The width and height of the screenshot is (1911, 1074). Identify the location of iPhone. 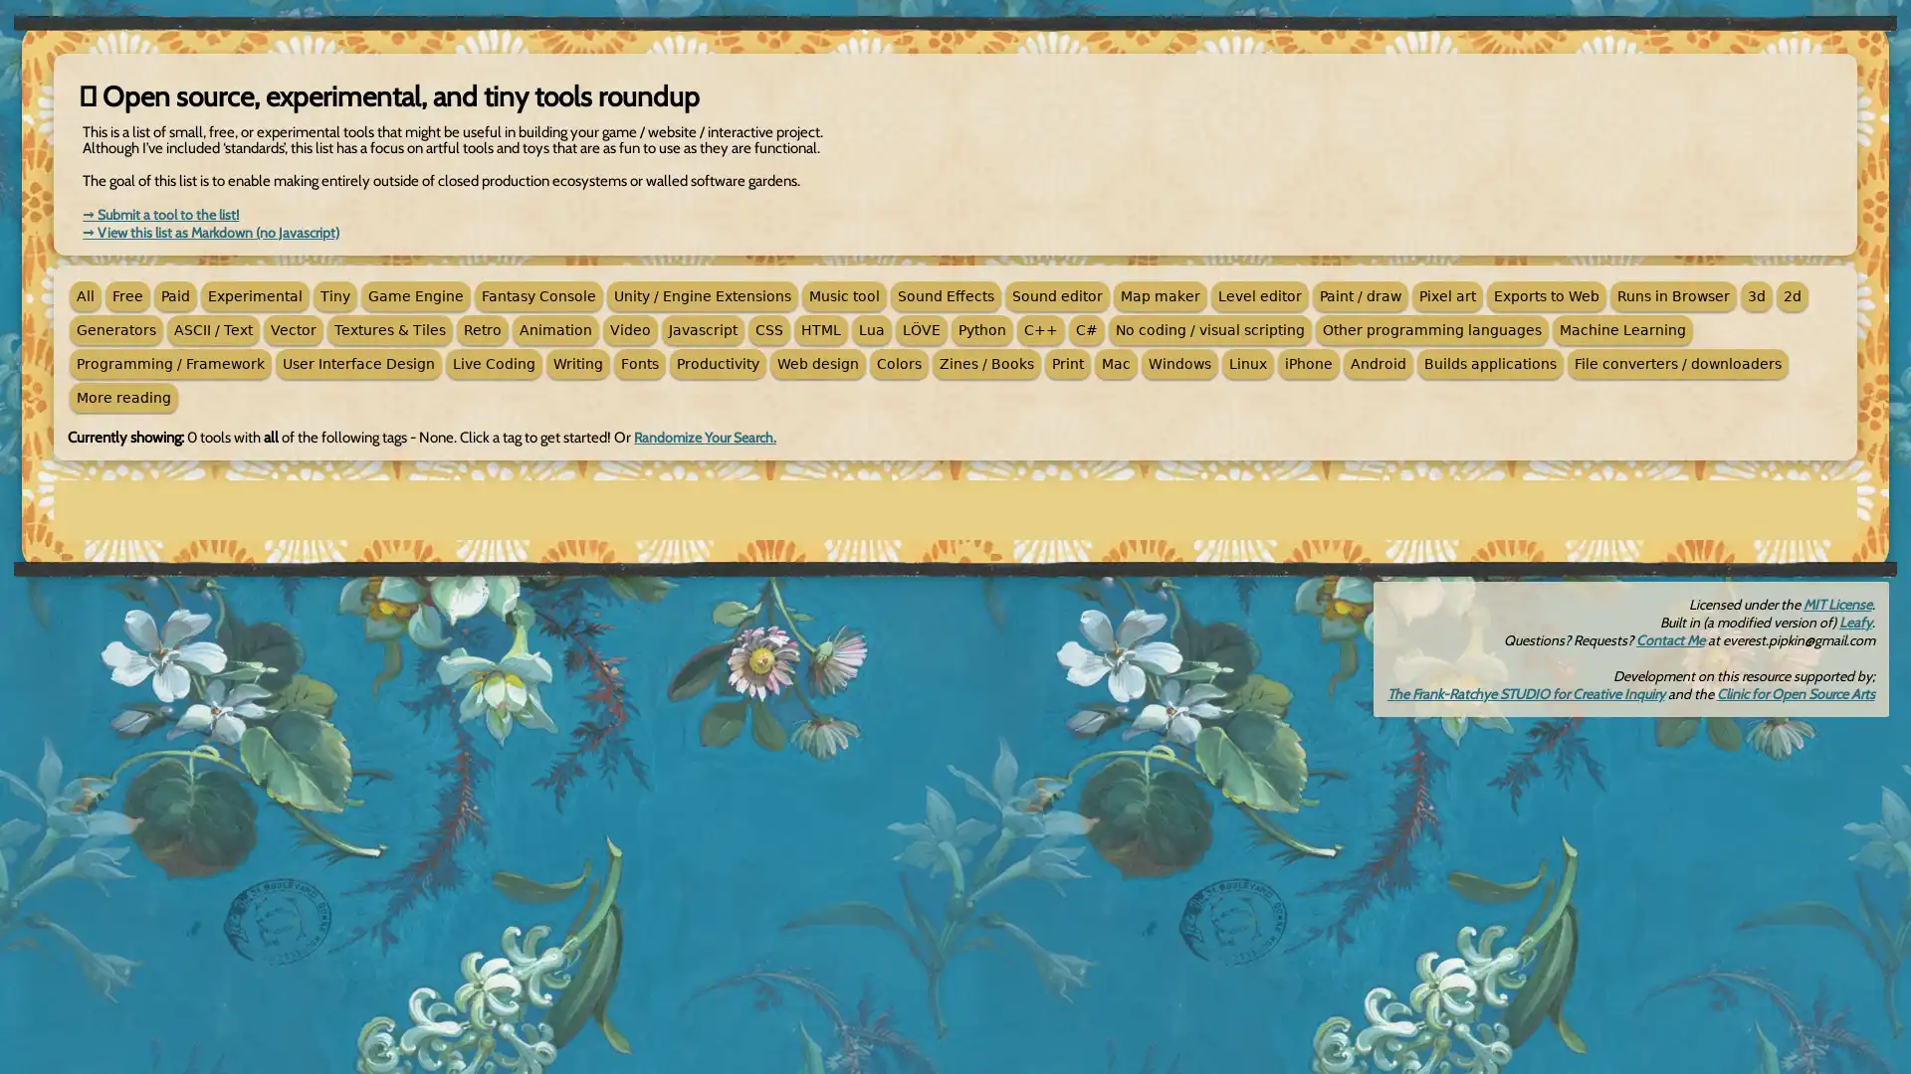
(1309, 364).